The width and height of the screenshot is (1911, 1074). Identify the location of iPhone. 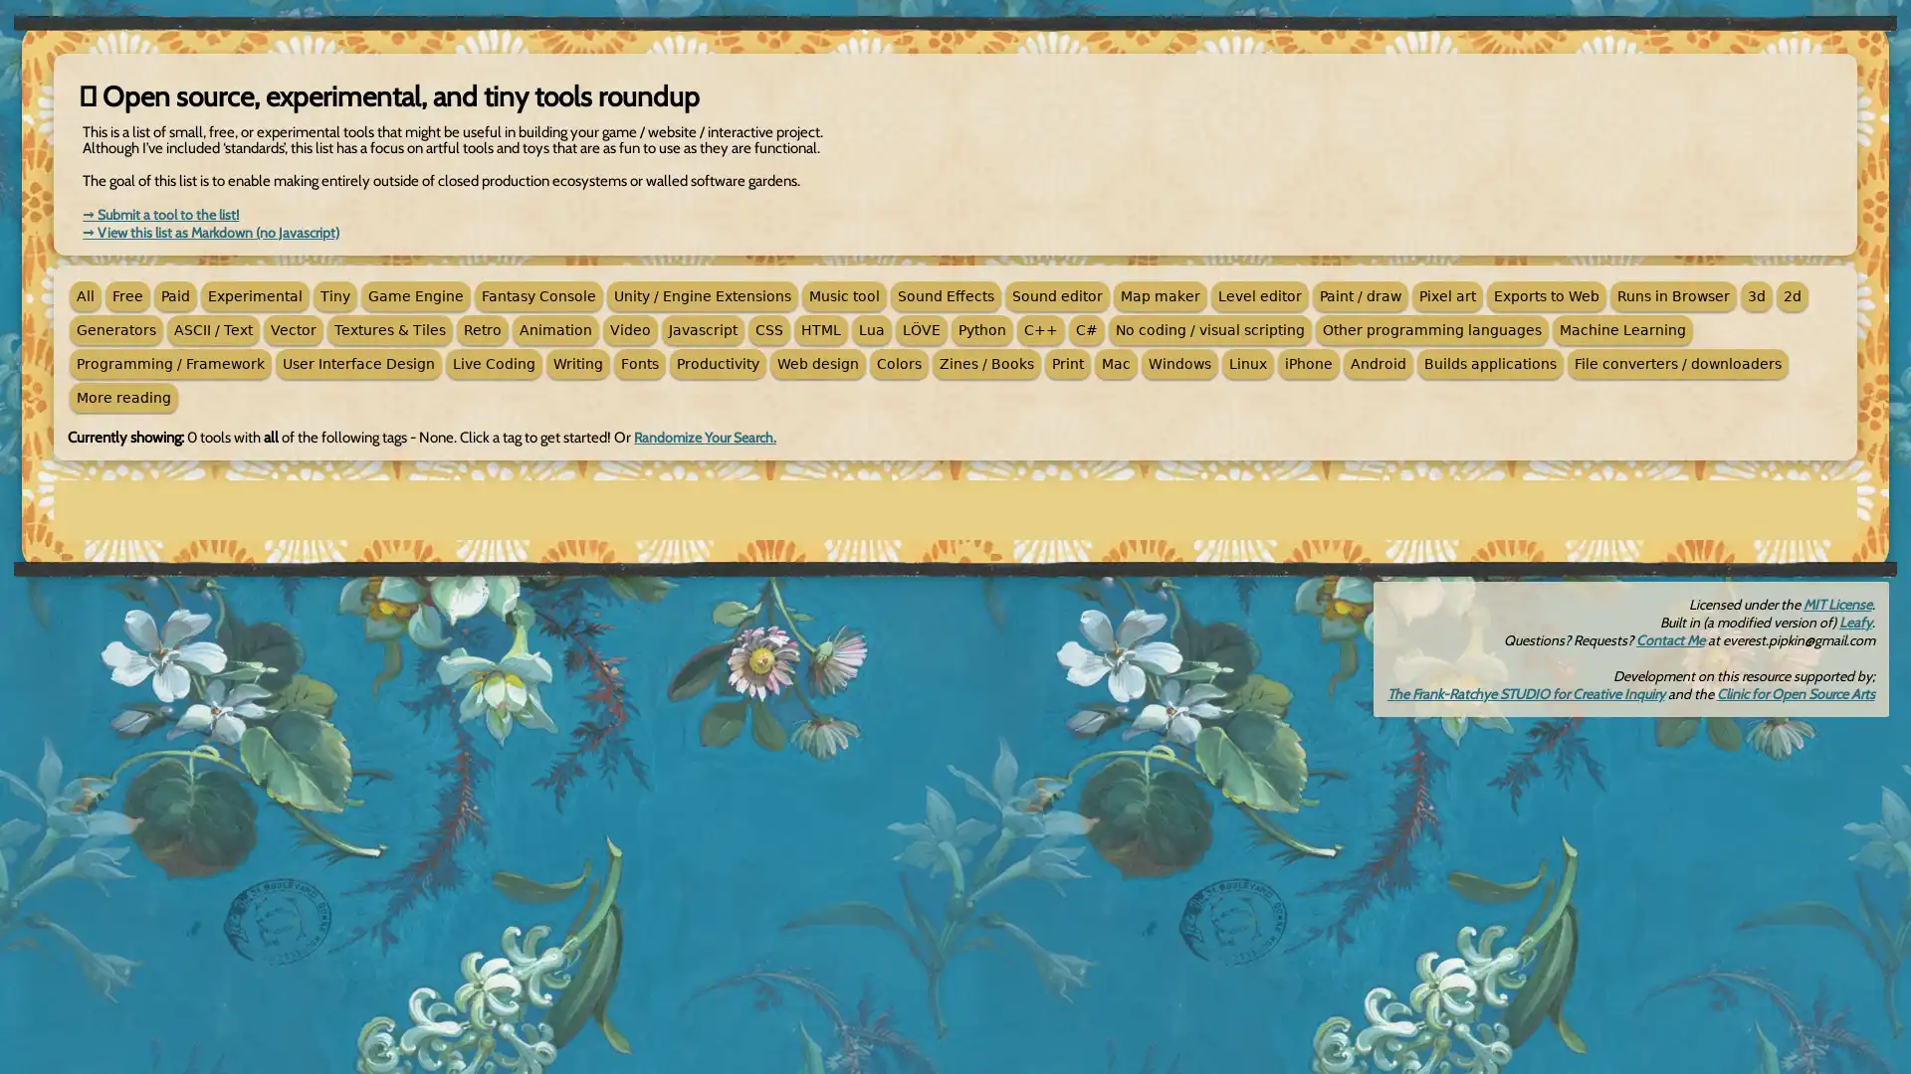
(1309, 364).